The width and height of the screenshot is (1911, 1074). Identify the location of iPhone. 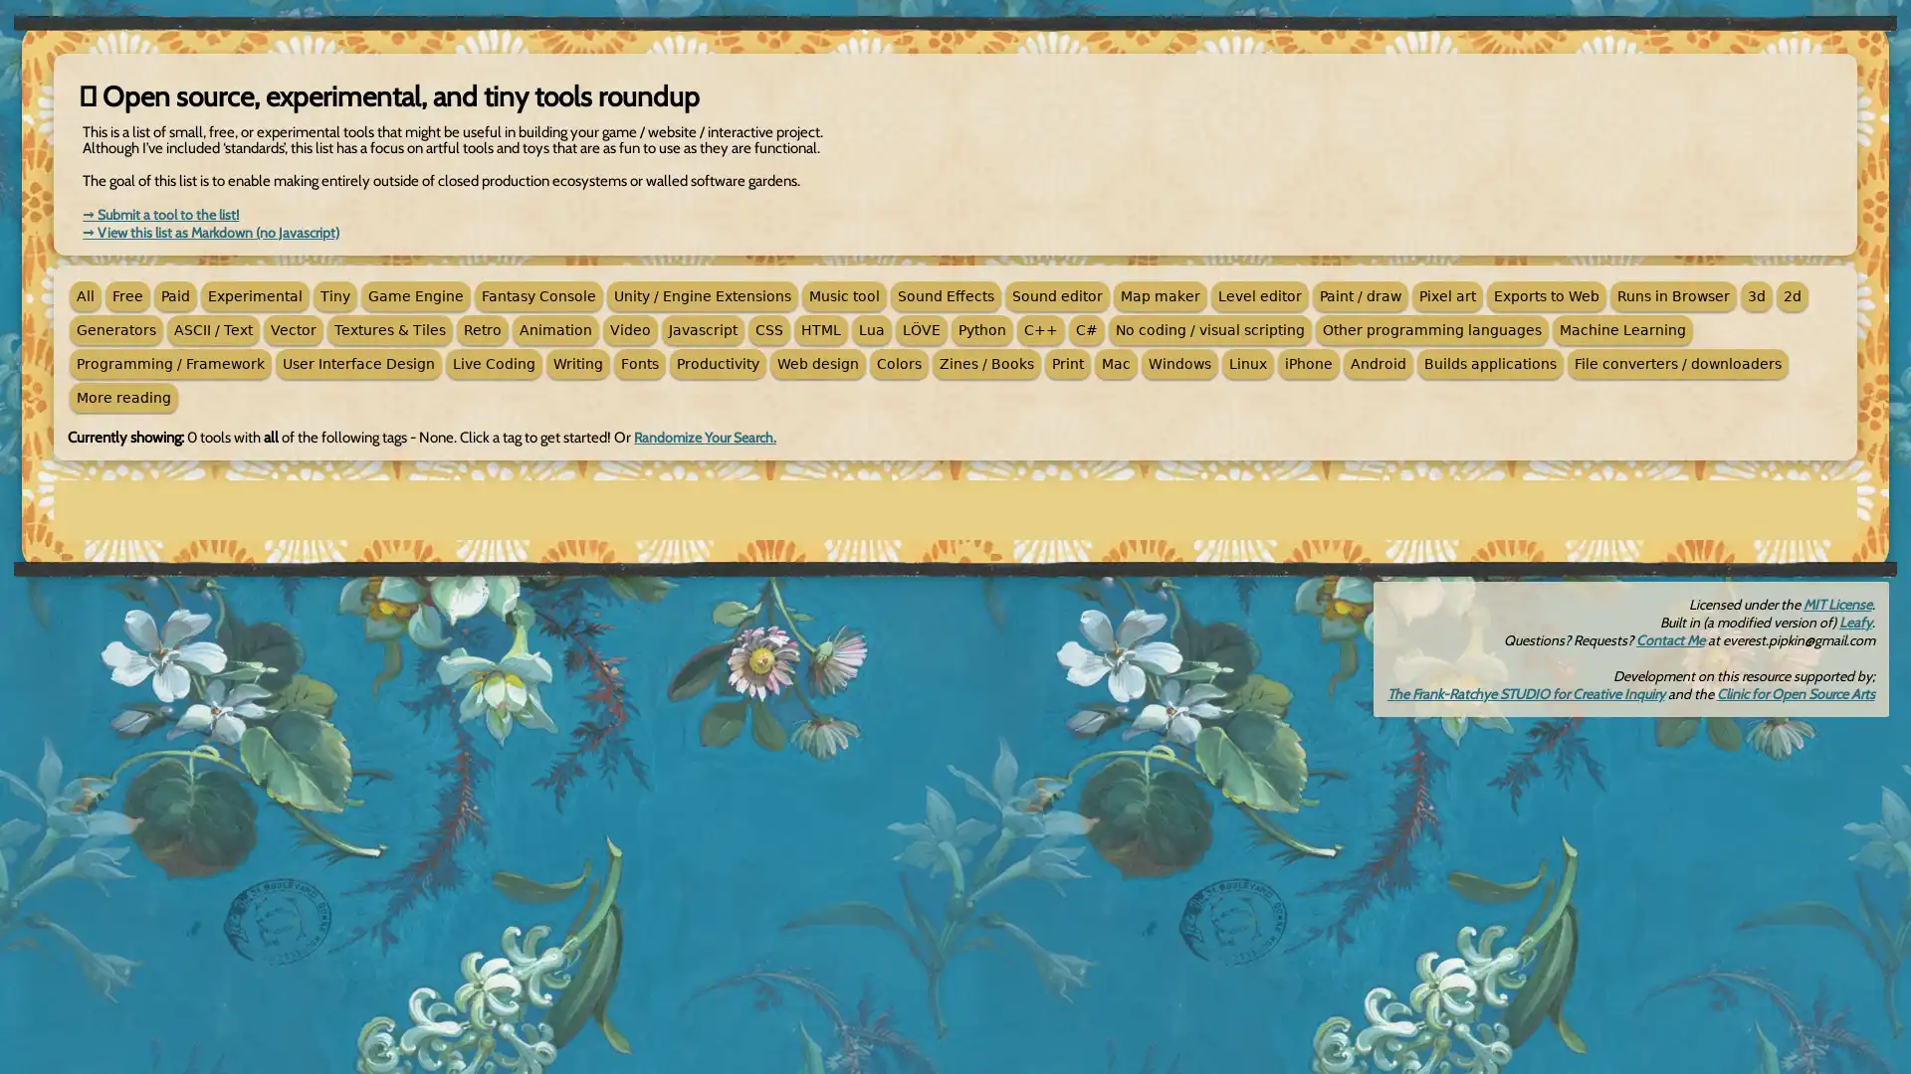
(1309, 364).